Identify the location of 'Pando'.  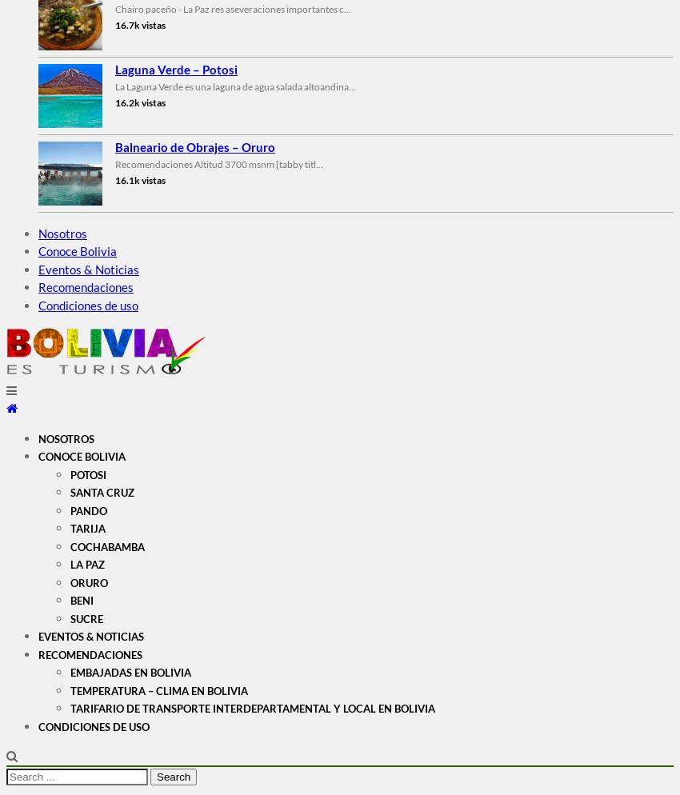
(69, 509).